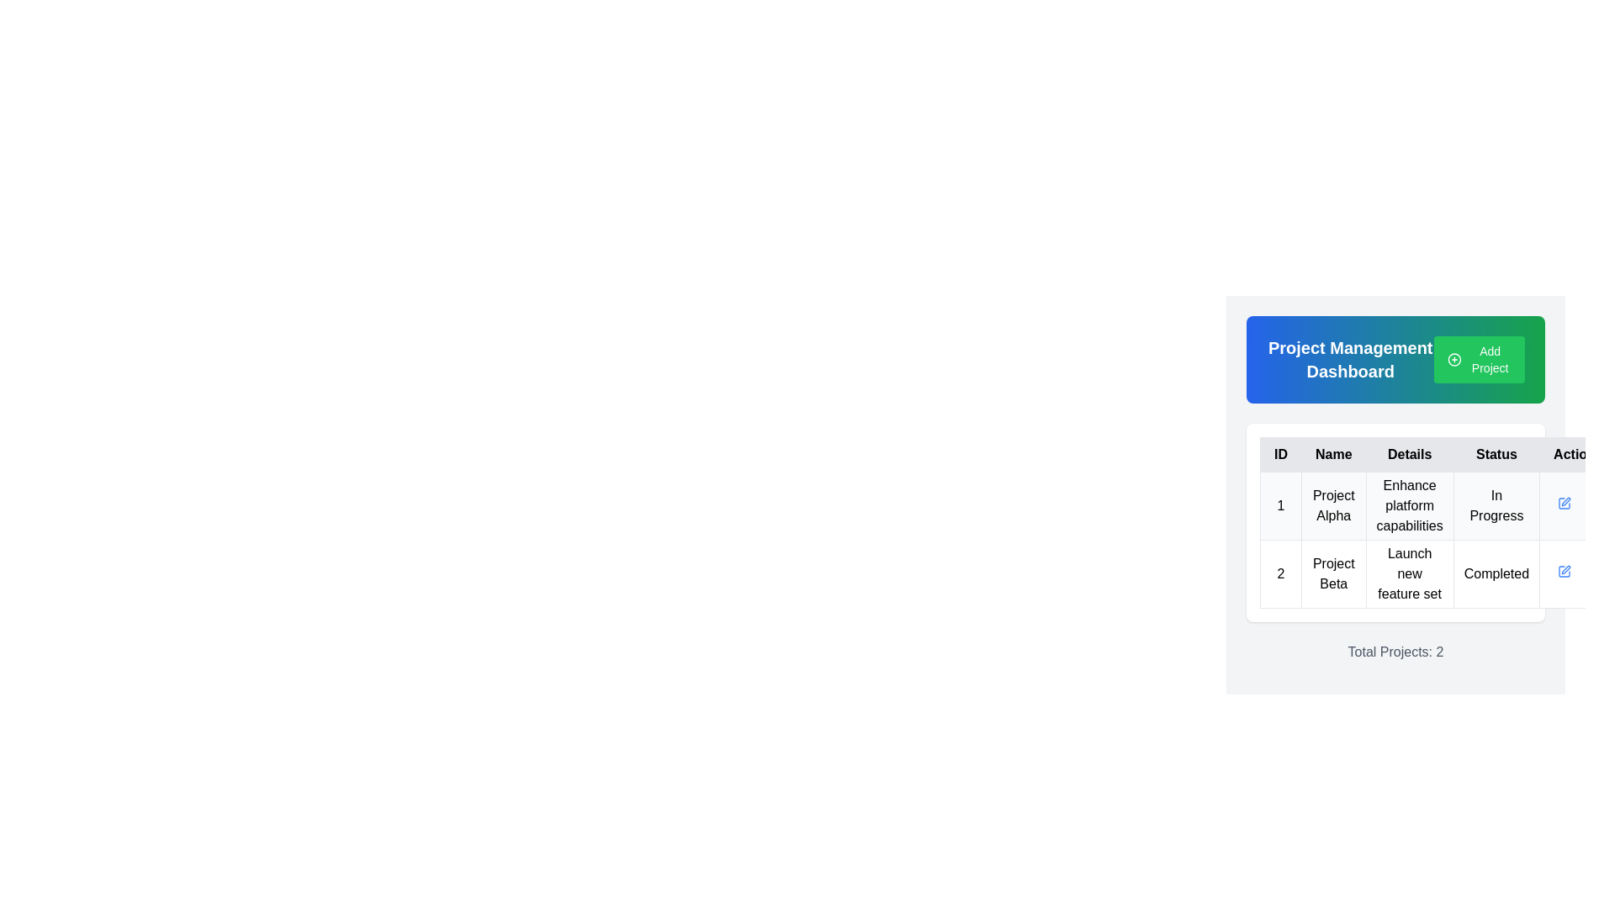 The height and width of the screenshot is (908, 1615). Describe the element at coordinates (1453, 359) in the screenshot. I see `the circular plus sign icon inside the green 'Add Project' button located in the upper right corner of the Project Management Dashboard` at that location.